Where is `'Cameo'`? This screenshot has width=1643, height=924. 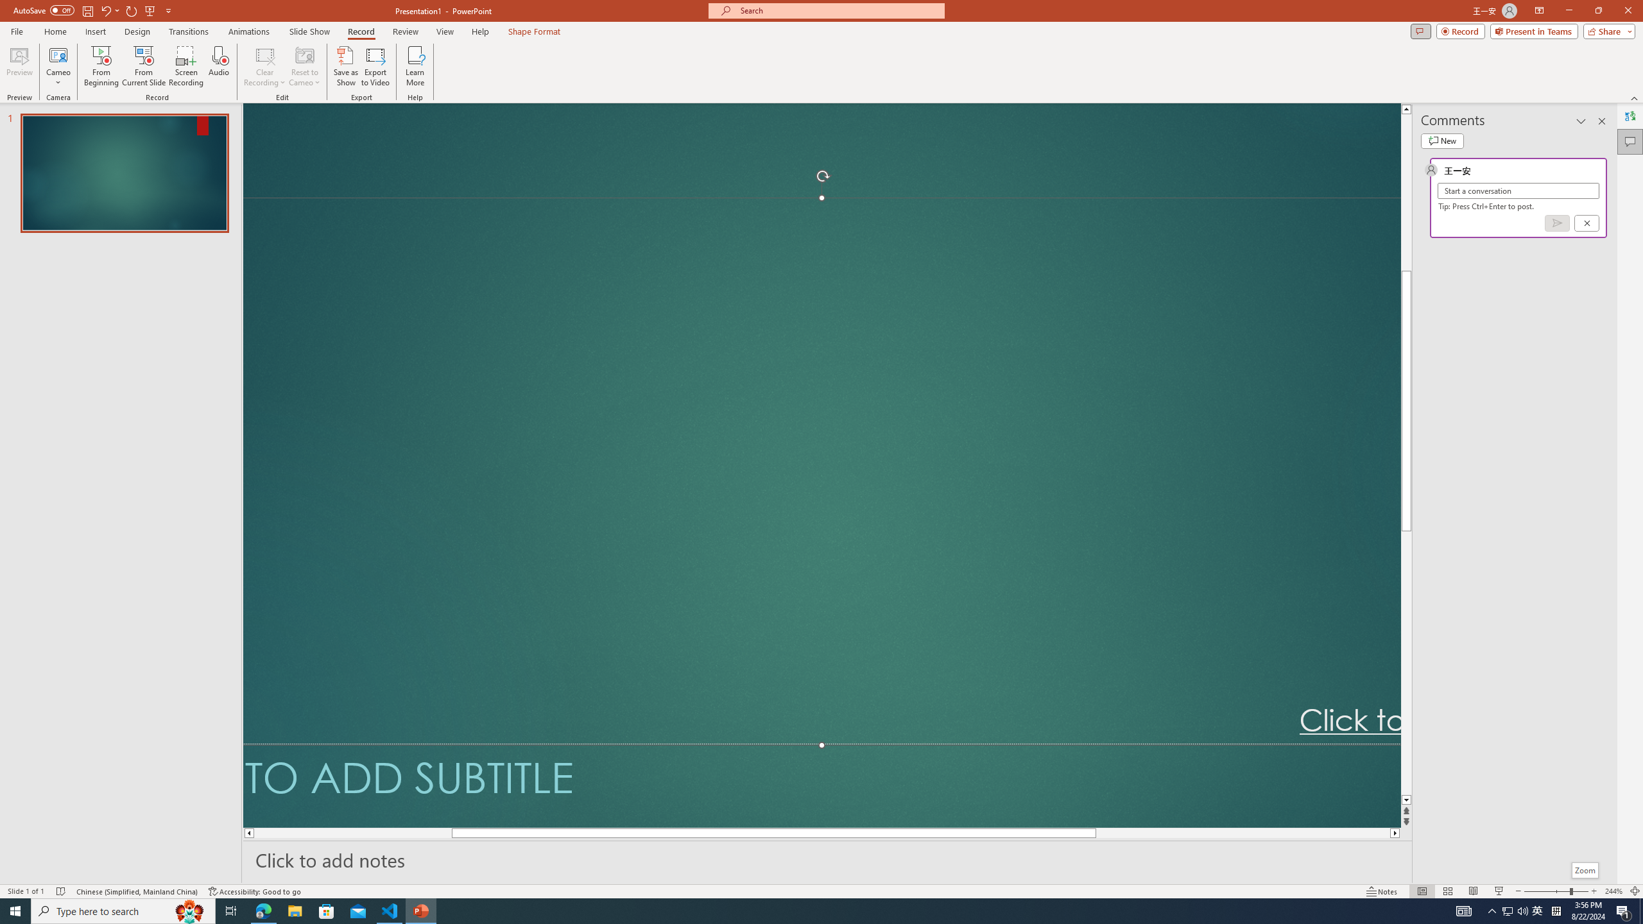 'Cameo' is located at coordinates (57, 66).